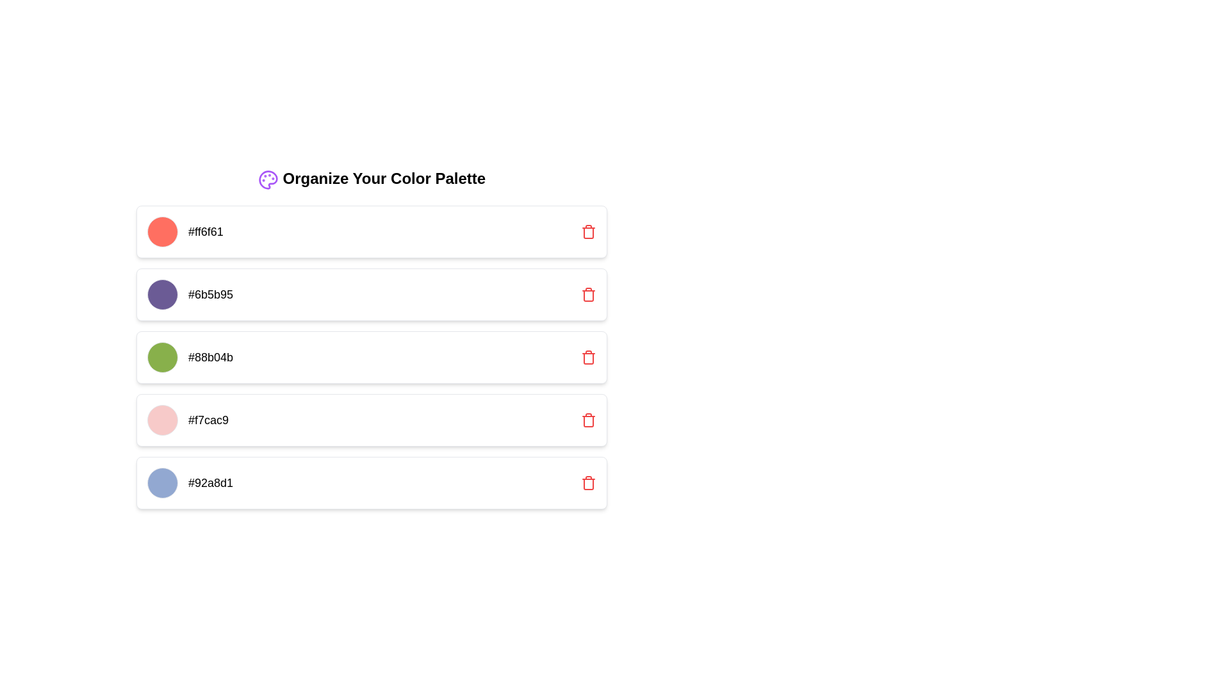 The image size is (1230, 692). What do you see at coordinates (371, 231) in the screenshot?
I see `the color circle in the first item of the color palette management interface` at bounding box center [371, 231].